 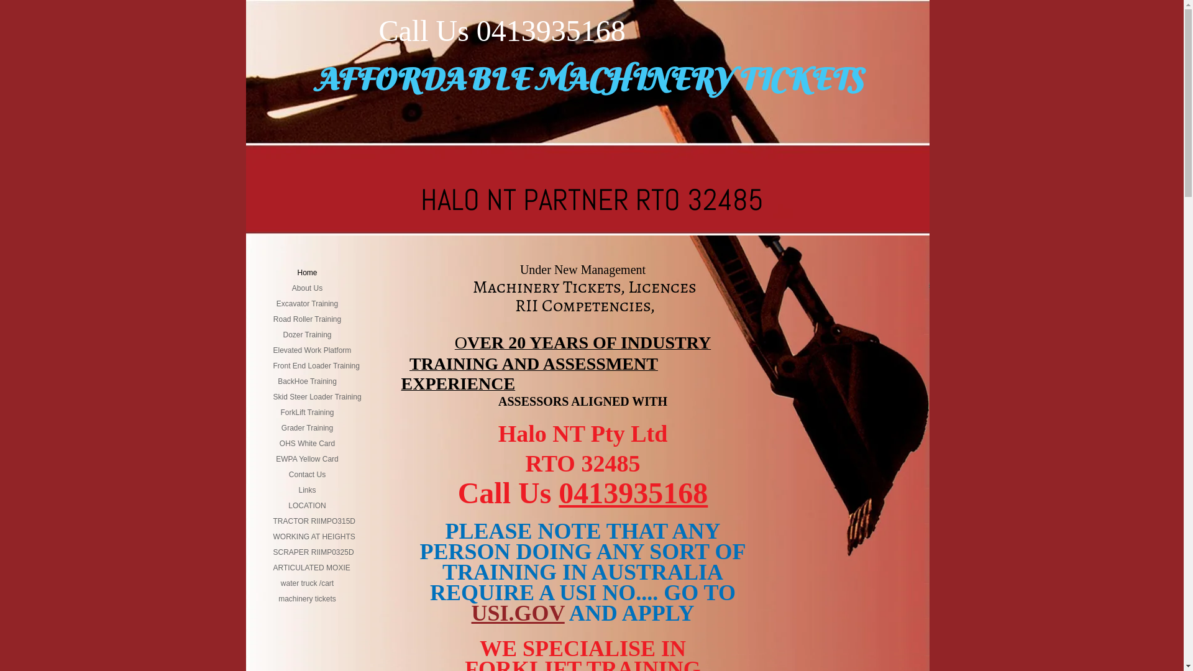 What do you see at coordinates (273, 412) in the screenshot?
I see `'ForkLift Training'` at bounding box center [273, 412].